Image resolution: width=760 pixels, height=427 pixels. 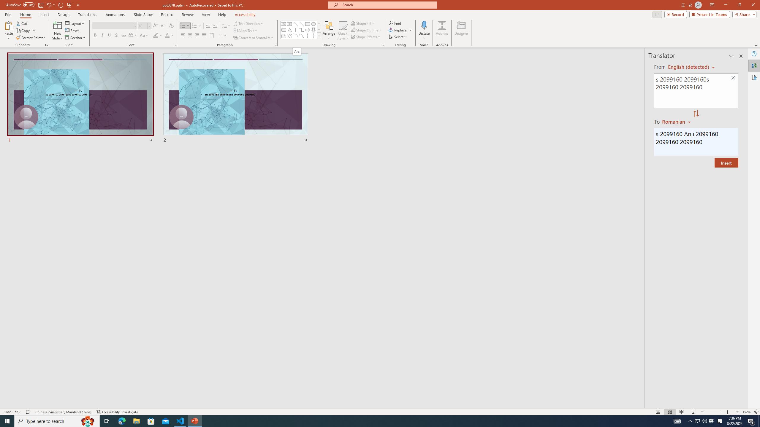 What do you see at coordinates (677, 121) in the screenshot?
I see `'Romanian'` at bounding box center [677, 121].